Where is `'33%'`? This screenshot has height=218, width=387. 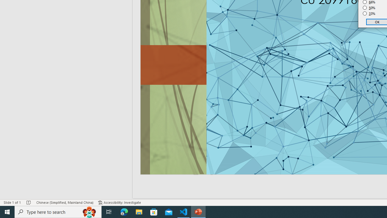
'33%' is located at coordinates (369, 14).